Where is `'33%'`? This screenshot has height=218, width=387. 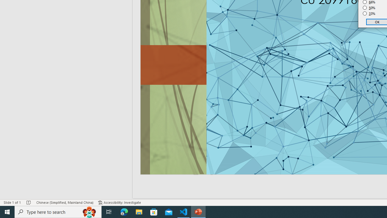
'33%' is located at coordinates (369, 14).